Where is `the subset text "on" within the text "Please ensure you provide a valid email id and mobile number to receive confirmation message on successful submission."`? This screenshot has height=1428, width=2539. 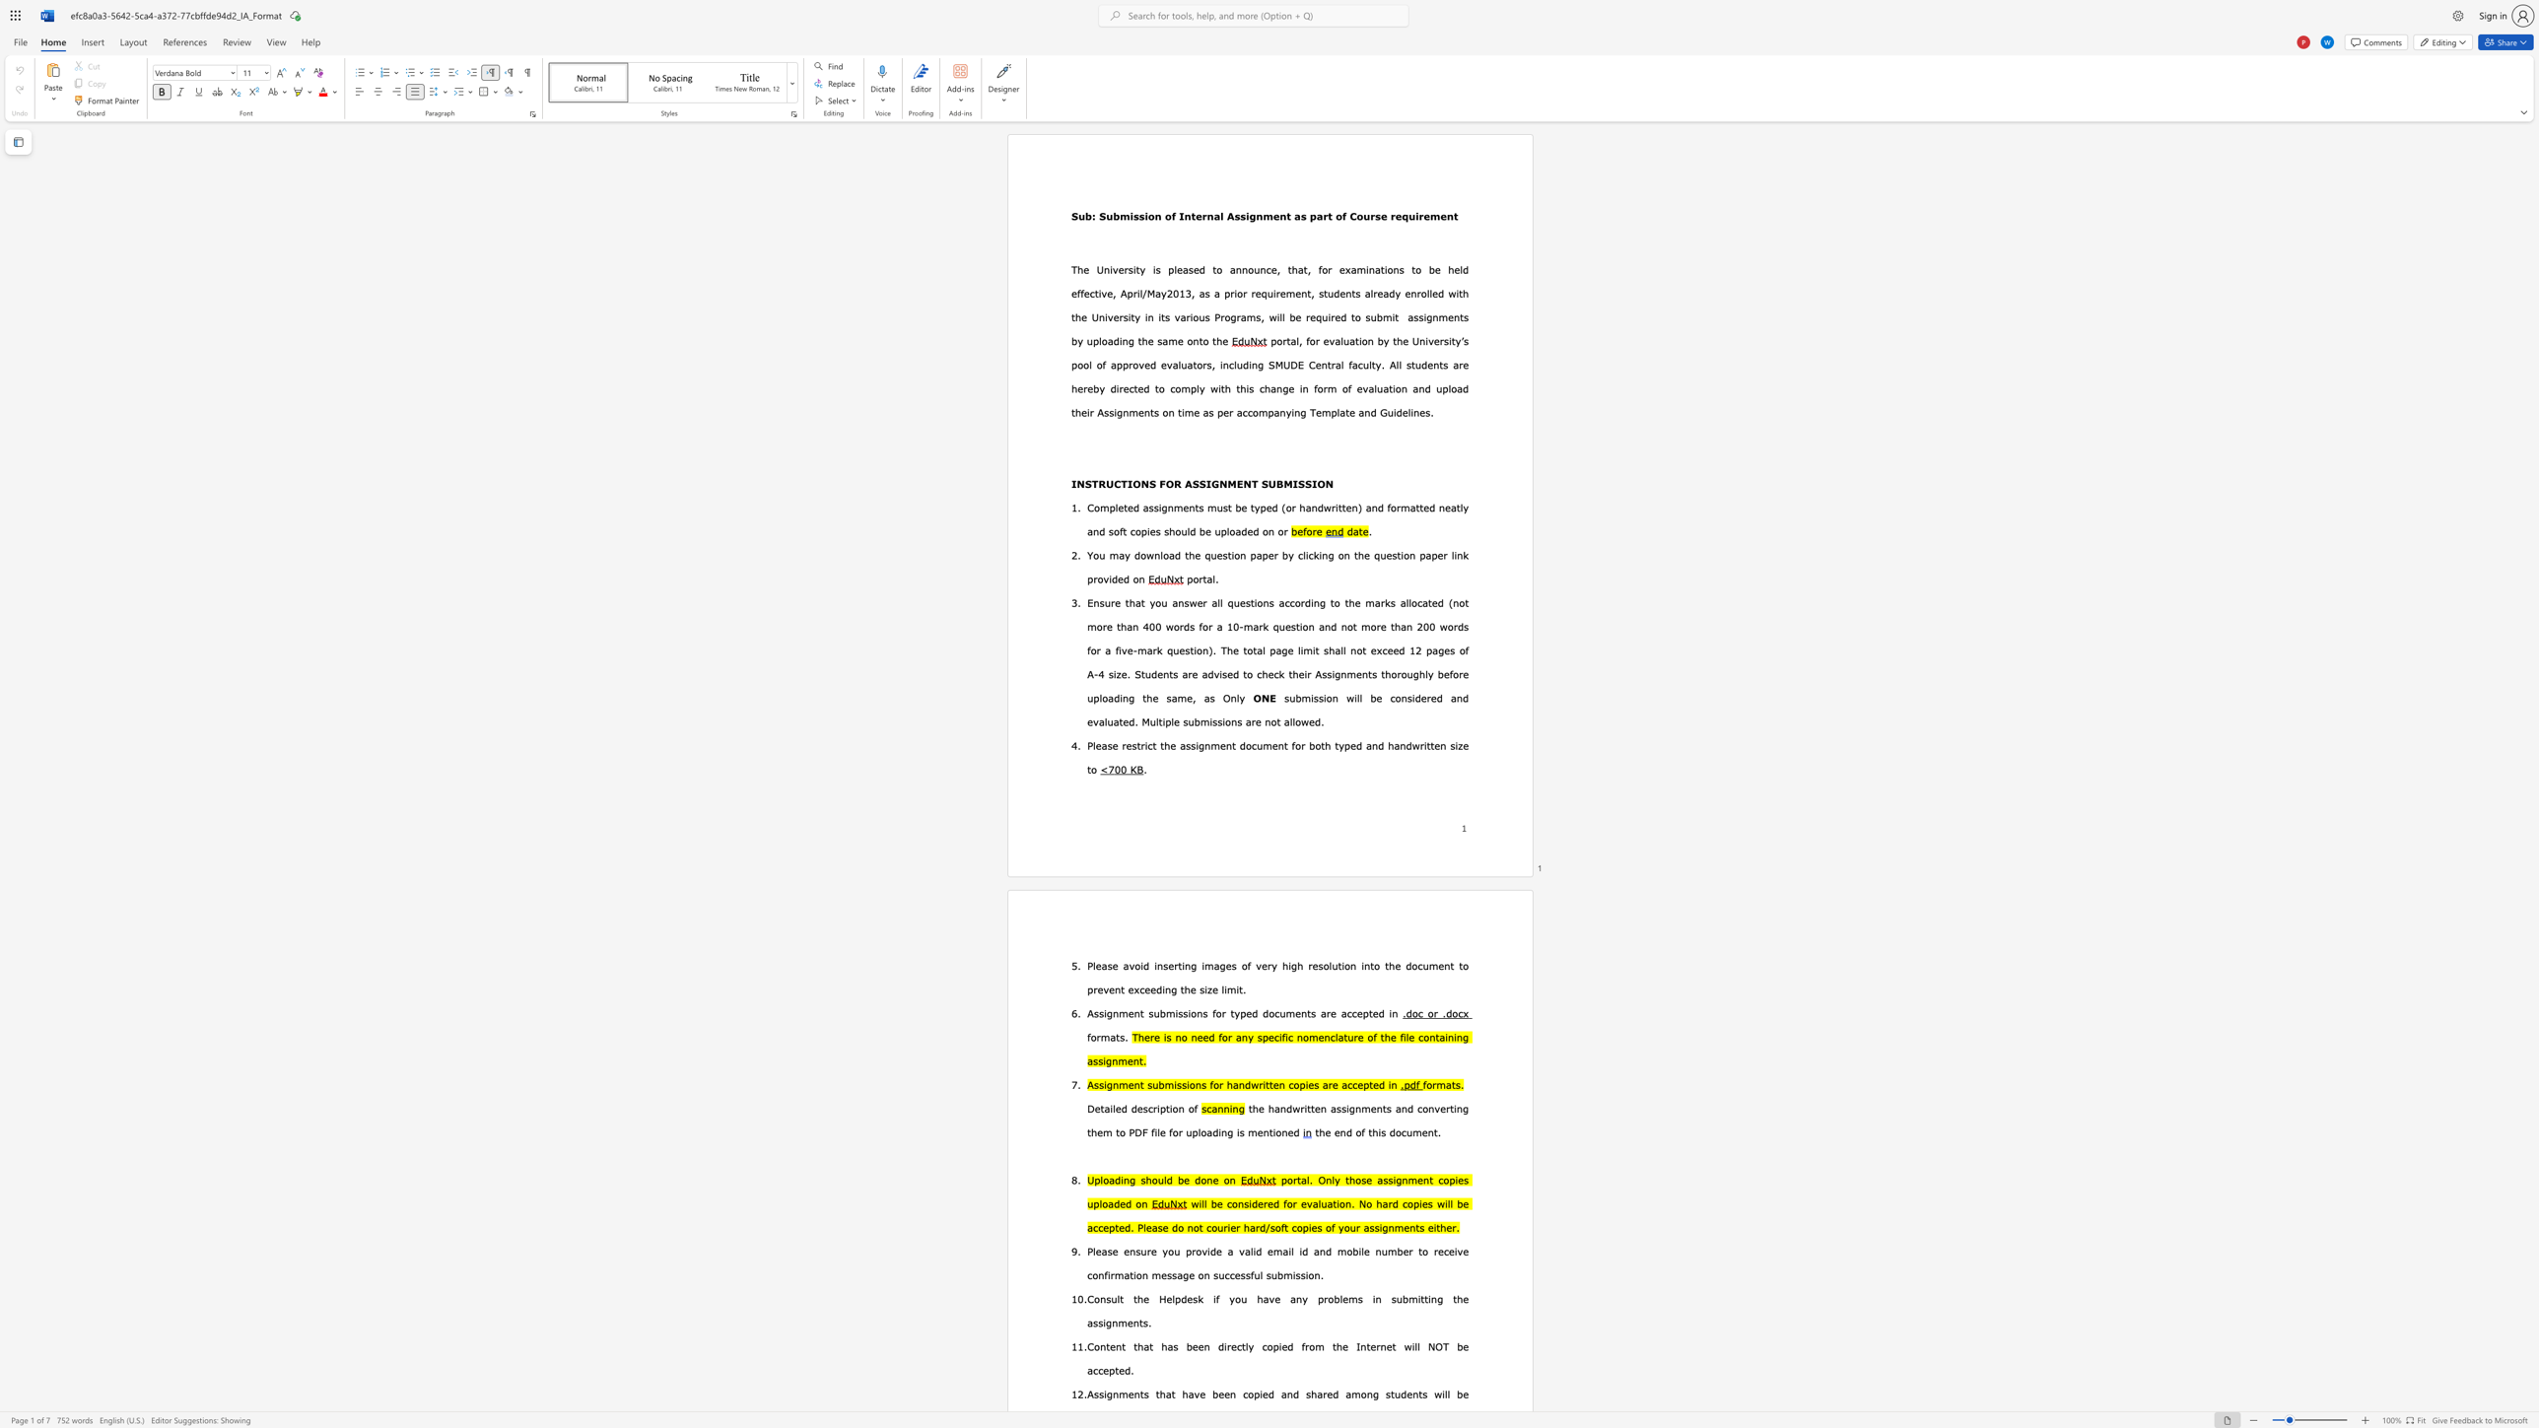 the subset text "on" within the text "Please ensure you provide a valid email id and mobile number to receive confirmation message on successful submission." is located at coordinates (1308, 1275).